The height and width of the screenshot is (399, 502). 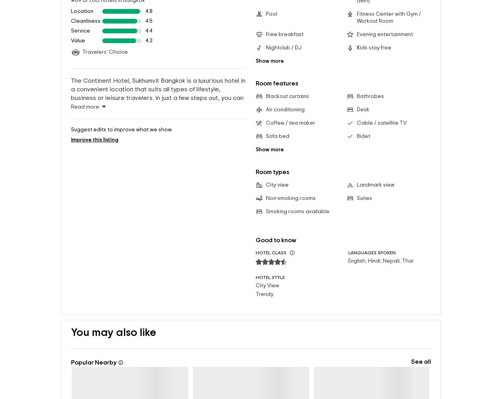 I want to click on 'Bidet', so click(x=362, y=123).